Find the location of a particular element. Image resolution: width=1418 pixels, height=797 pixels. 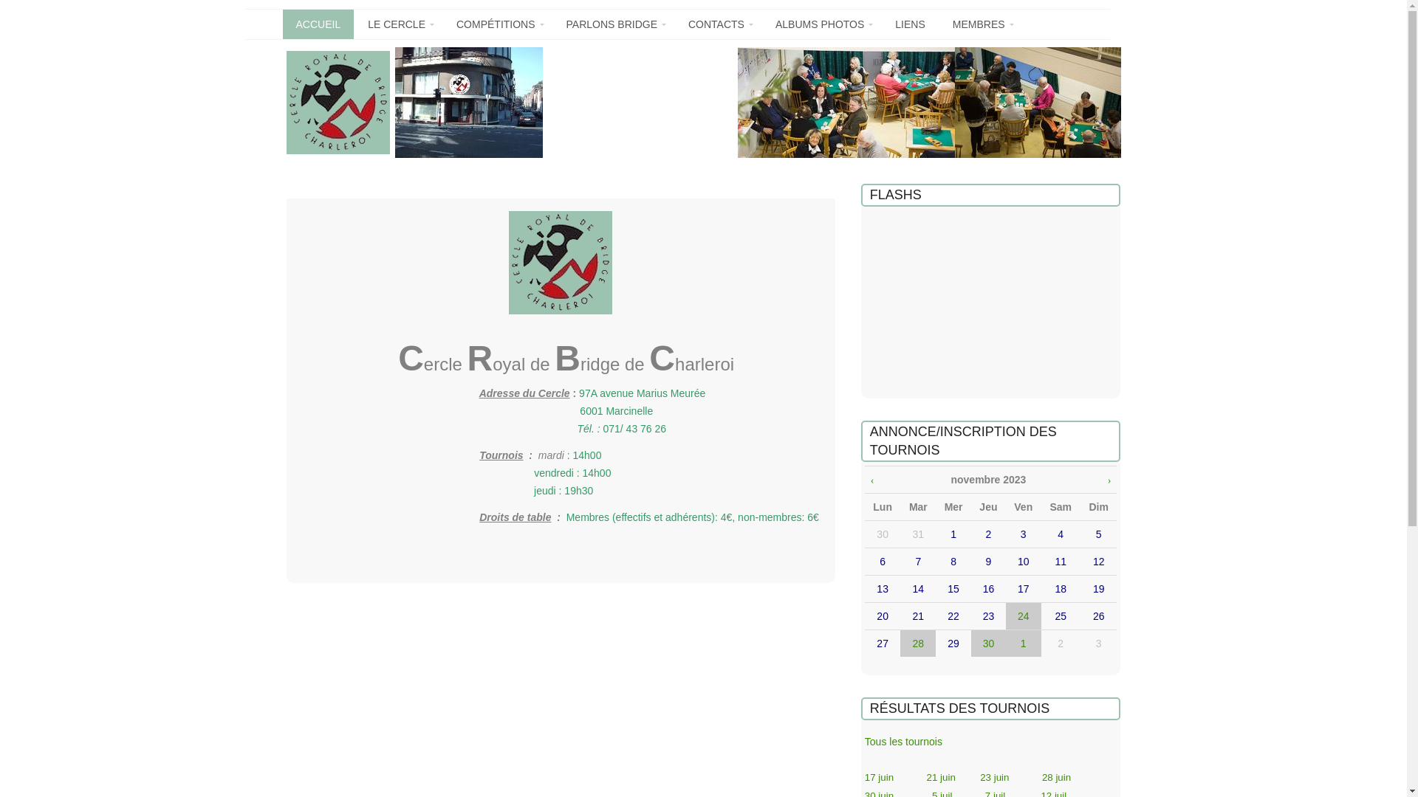

'24' is located at coordinates (1023, 615).